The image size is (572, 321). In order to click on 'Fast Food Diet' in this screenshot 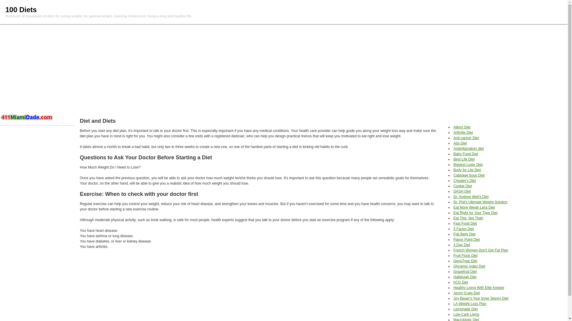, I will do `click(465, 224)`.